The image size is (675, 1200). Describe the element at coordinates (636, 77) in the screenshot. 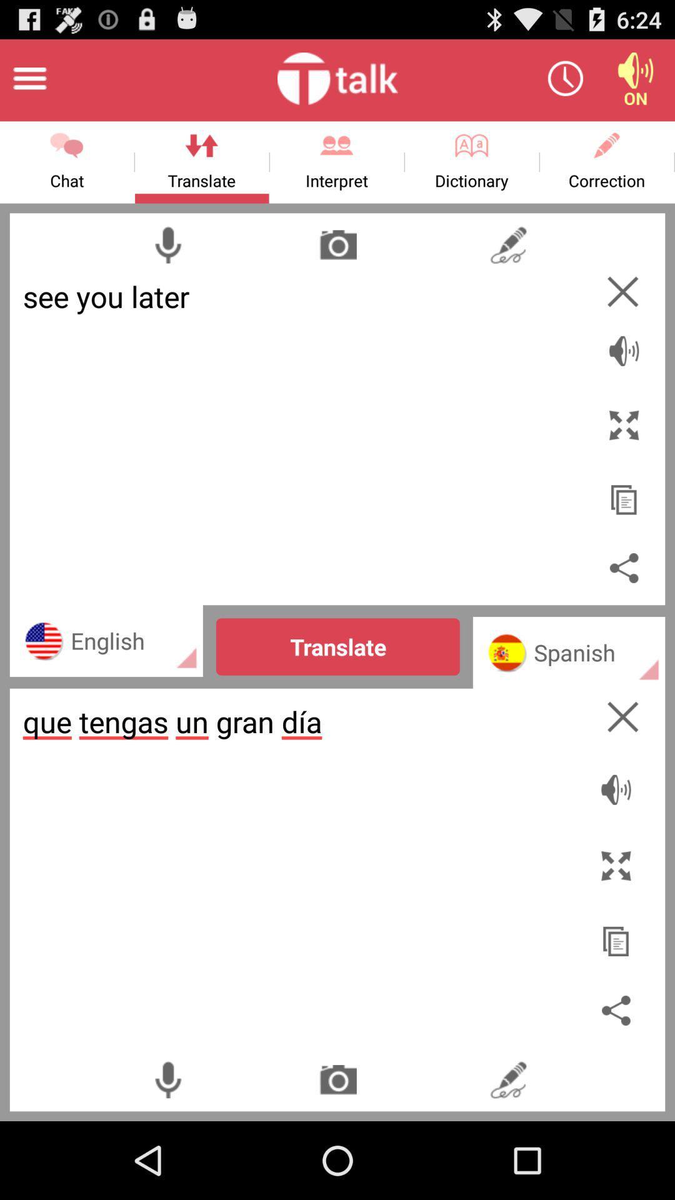

I see `sound` at that location.